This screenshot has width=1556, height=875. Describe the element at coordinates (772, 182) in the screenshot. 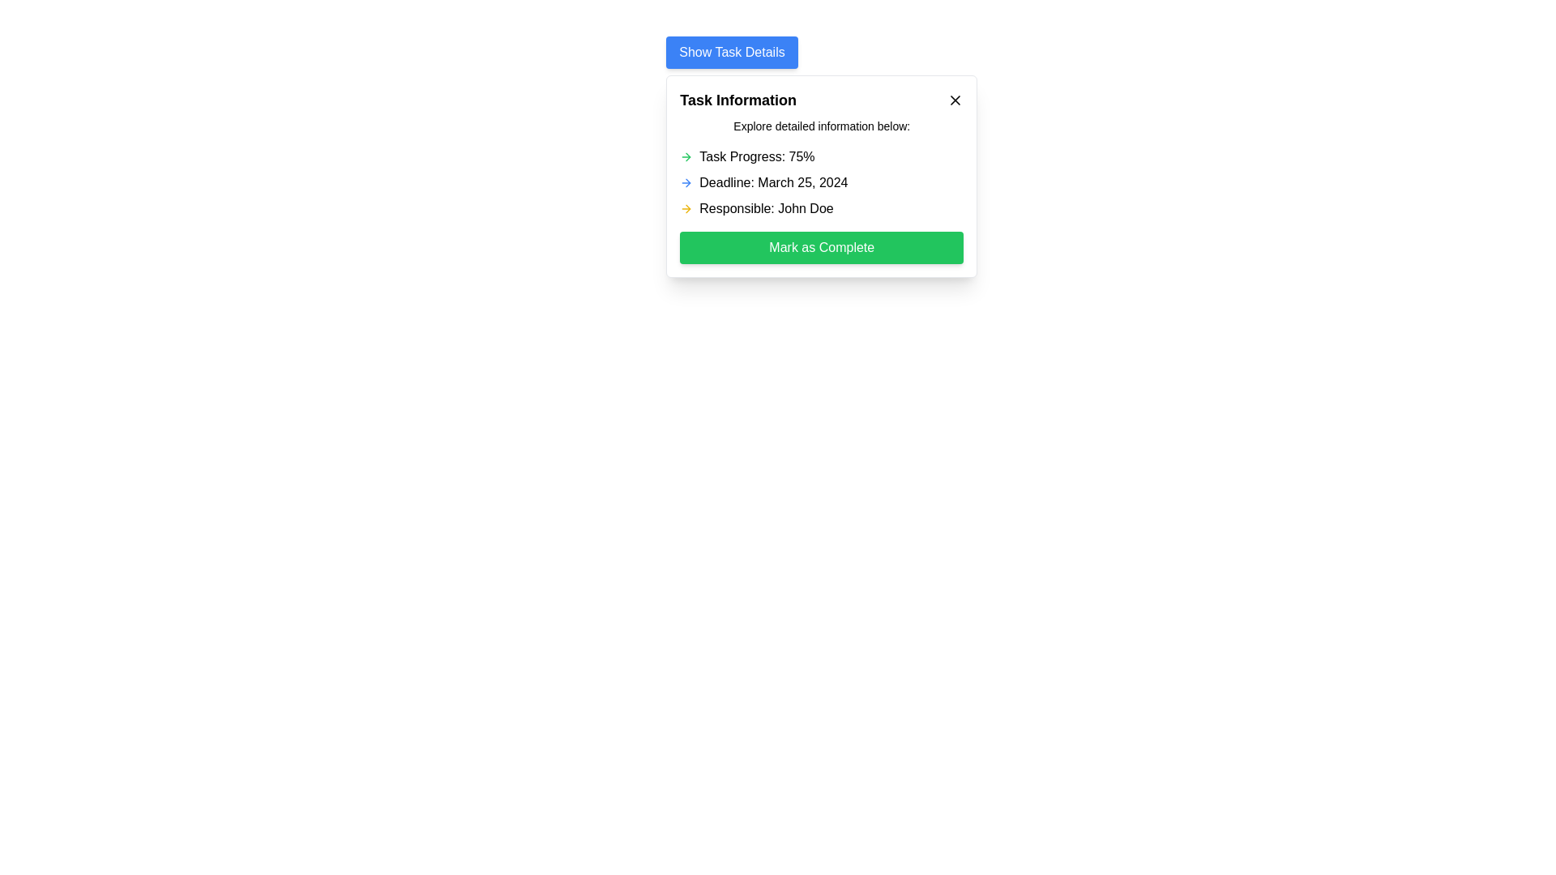

I see `the text label displaying 'Deadline: March 25, 2024' which is centrally aligned within the 'Task Information' modal, positioned below 'Task Progress' and above 'Responsible'` at that location.